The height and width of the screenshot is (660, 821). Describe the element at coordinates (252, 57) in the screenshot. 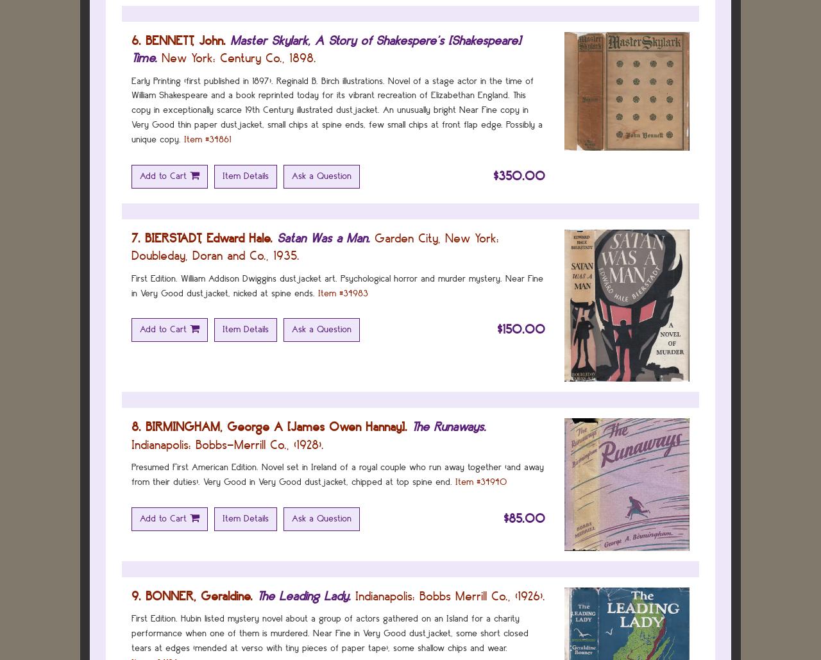

I see `'Century Co.,'` at that location.